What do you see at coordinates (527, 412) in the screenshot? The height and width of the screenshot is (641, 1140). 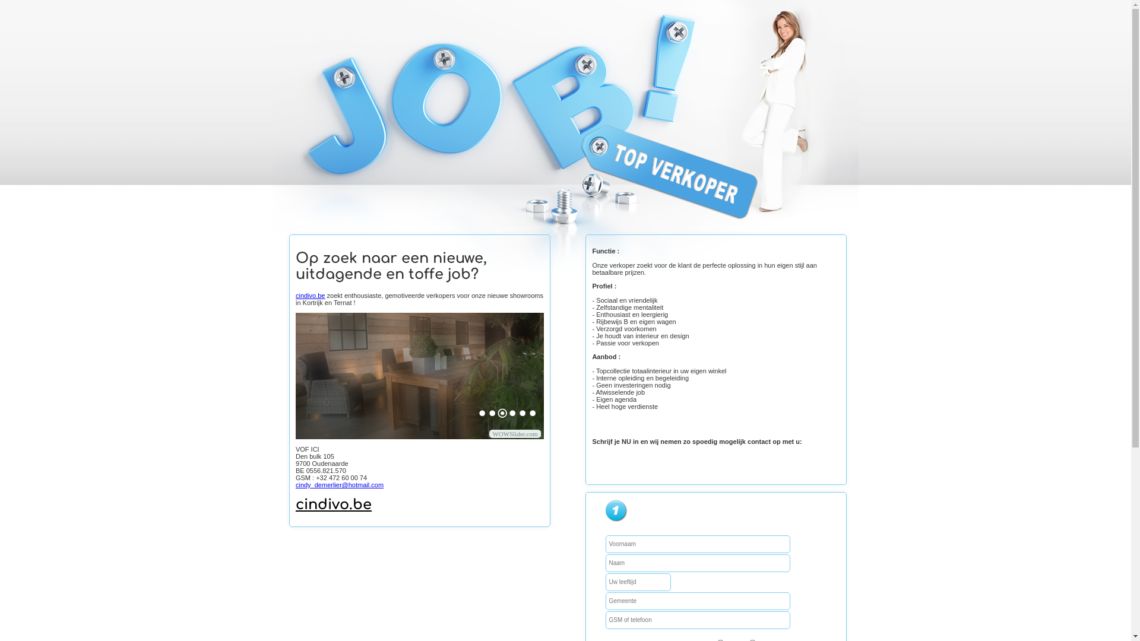 I see `'6'` at bounding box center [527, 412].